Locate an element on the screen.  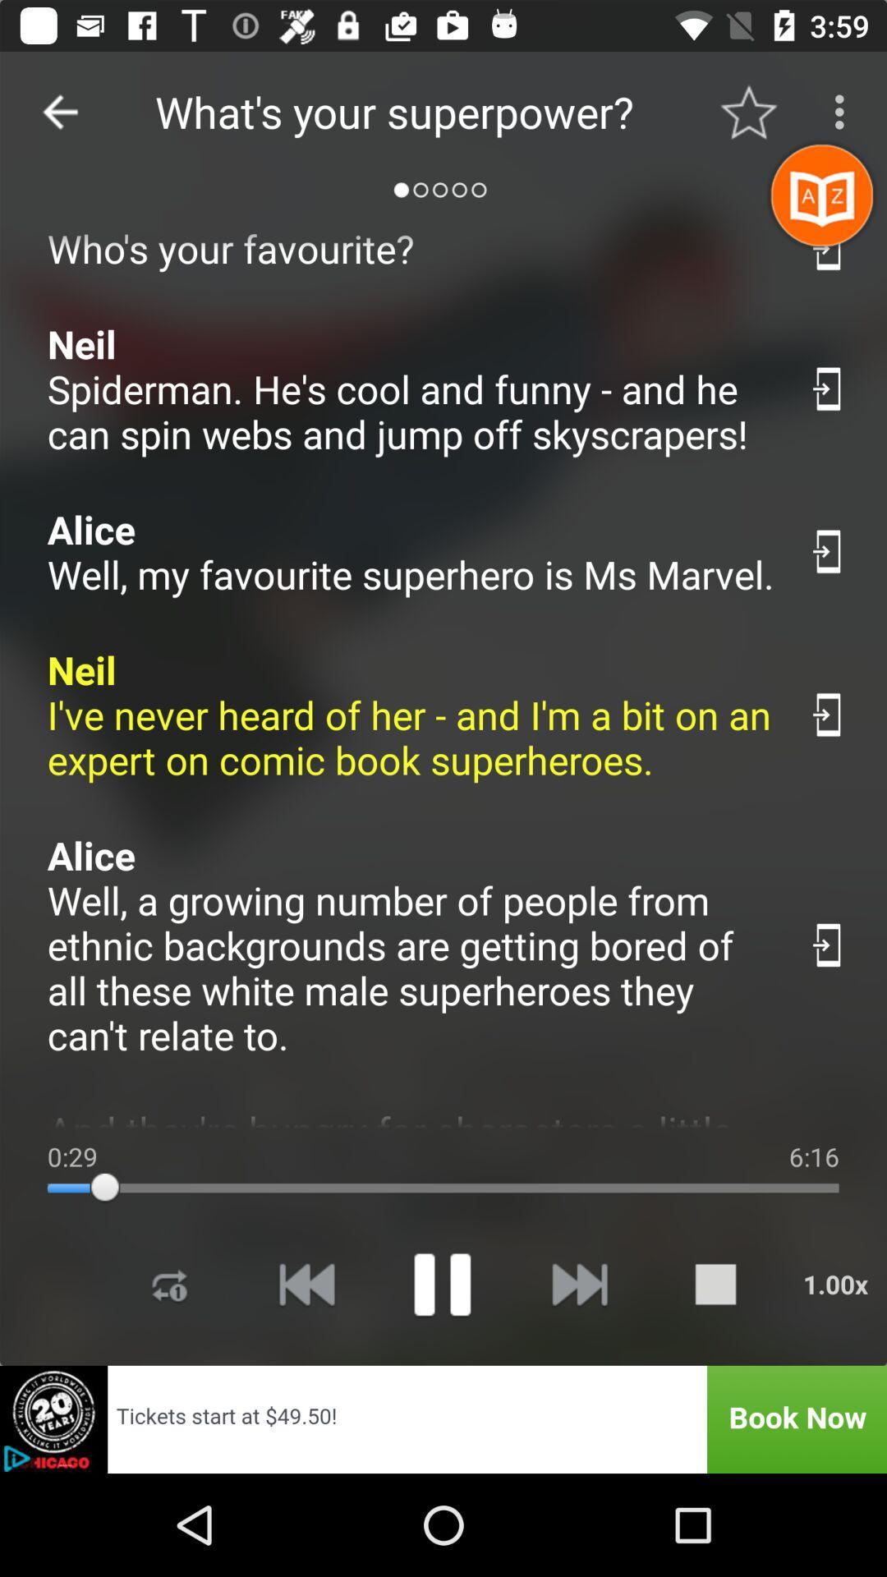
stop is located at coordinates (715, 1283).